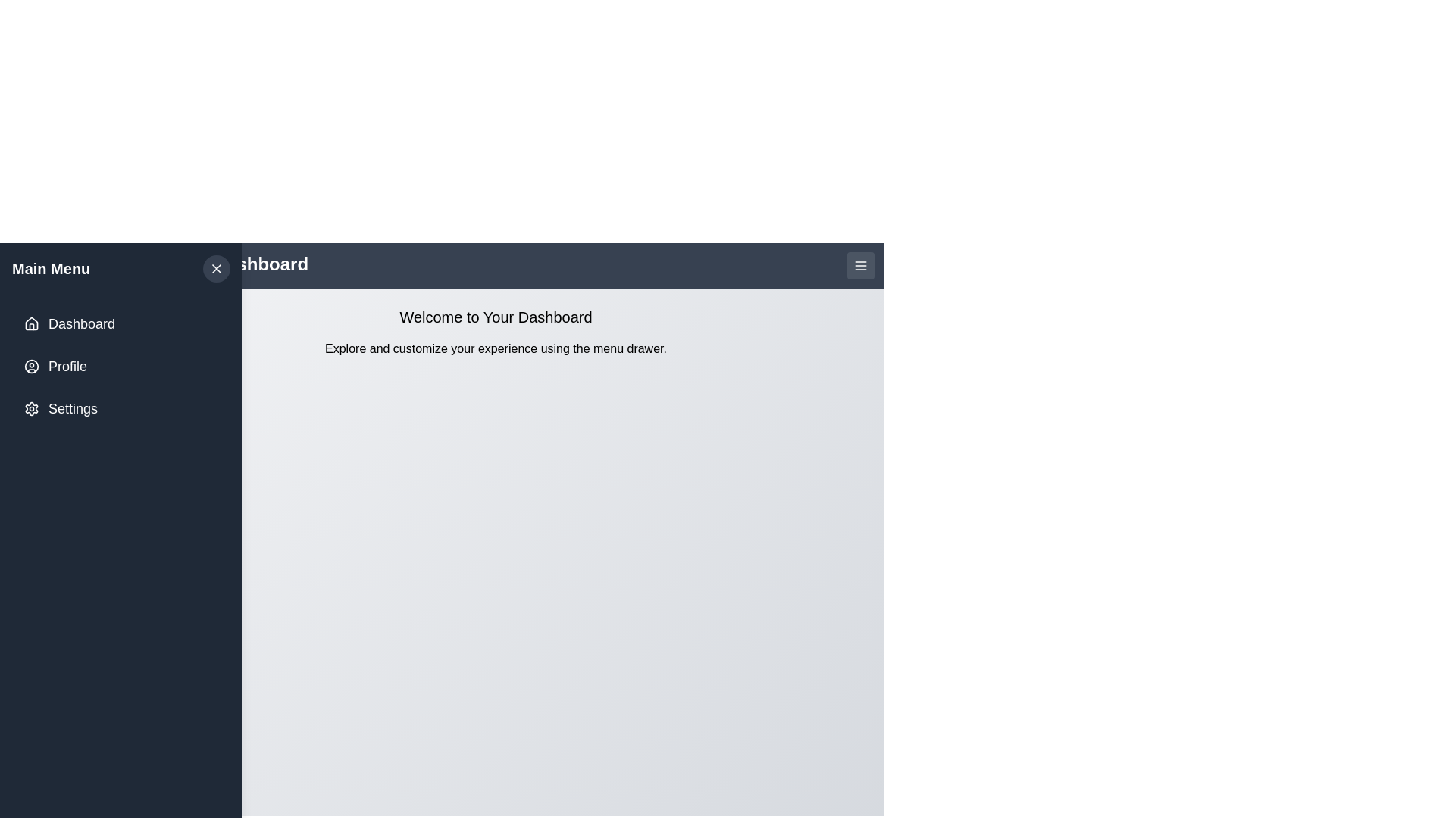 This screenshot has height=818, width=1455. Describe the element at coordinates (32, 366) in the screenshot. I see `the circular user avatar icon located in the 'Profile' menu item in the sidebar navigation` at that location.